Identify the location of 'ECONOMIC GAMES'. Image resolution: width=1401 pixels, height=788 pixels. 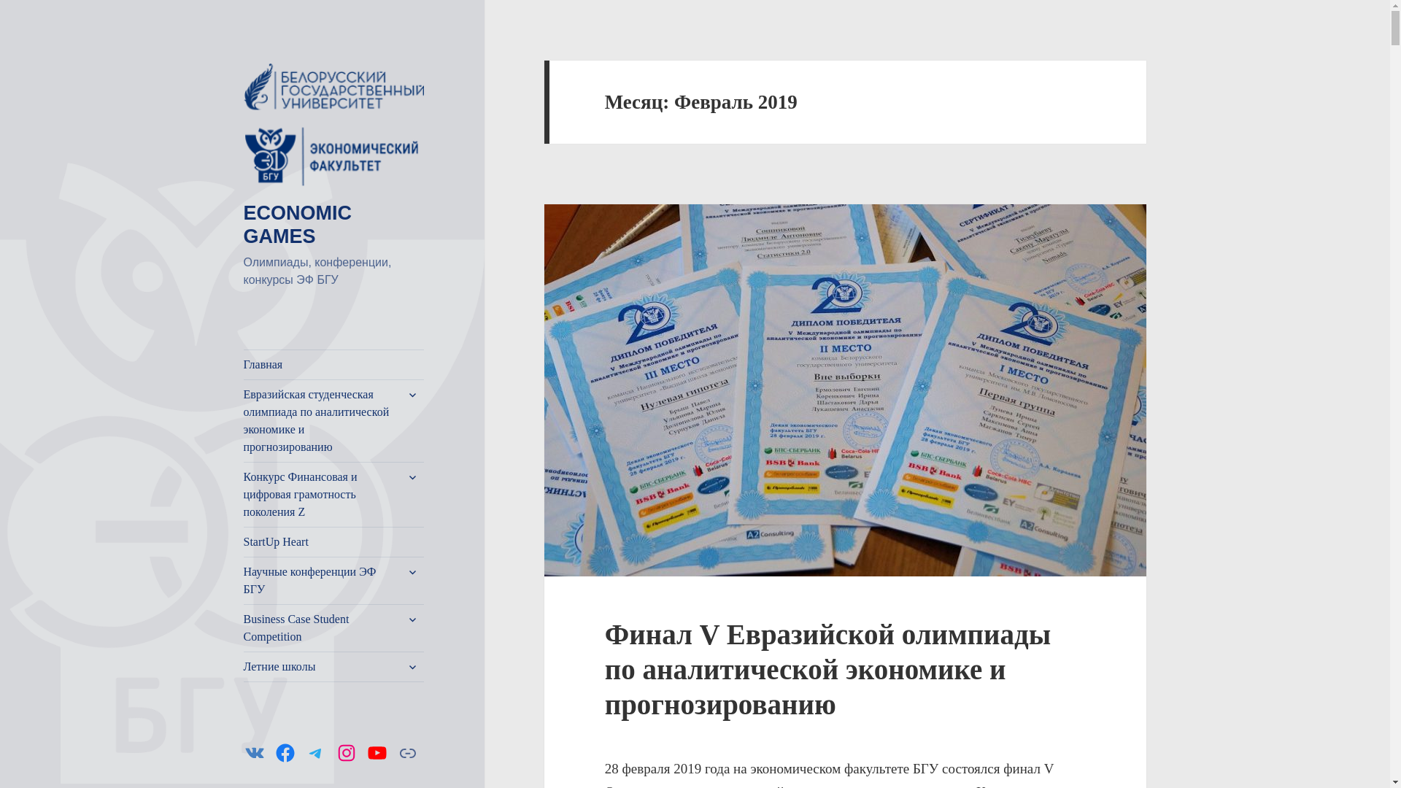
(297, 225).